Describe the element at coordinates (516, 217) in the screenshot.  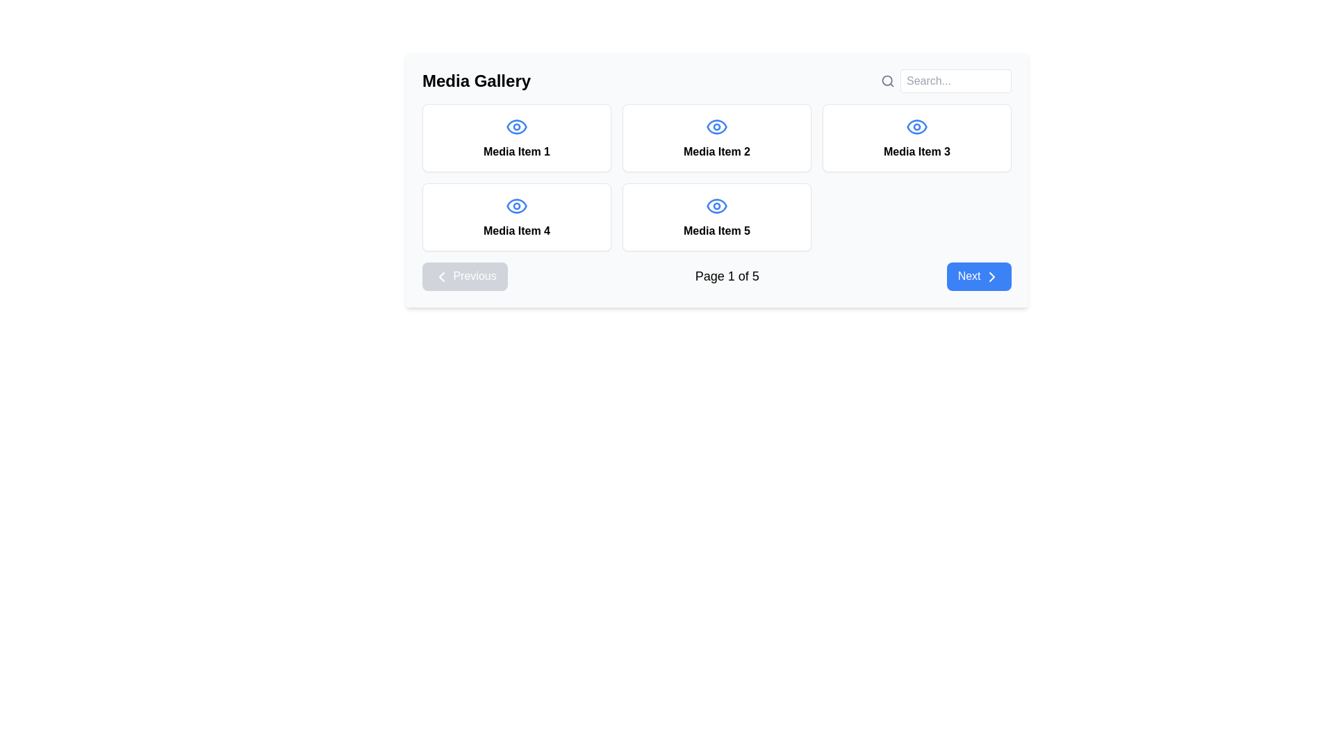
I see `the card labeled 'Media Item 4', which has a white background, a blue eye icon above bold text, and is positioned in the second row, first column of the grid` at that location.